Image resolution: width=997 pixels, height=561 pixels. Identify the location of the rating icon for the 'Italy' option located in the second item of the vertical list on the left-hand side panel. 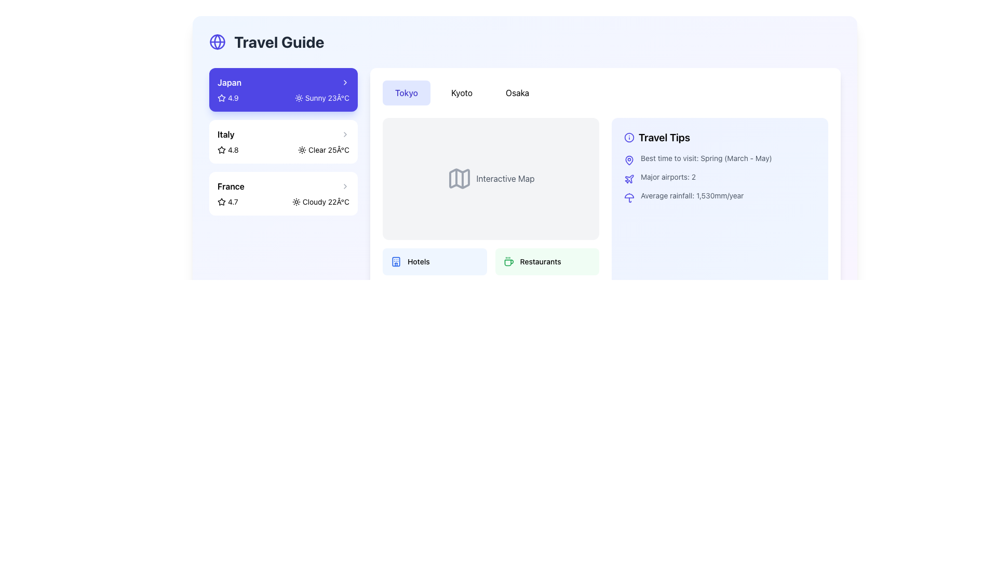
(221, 150).